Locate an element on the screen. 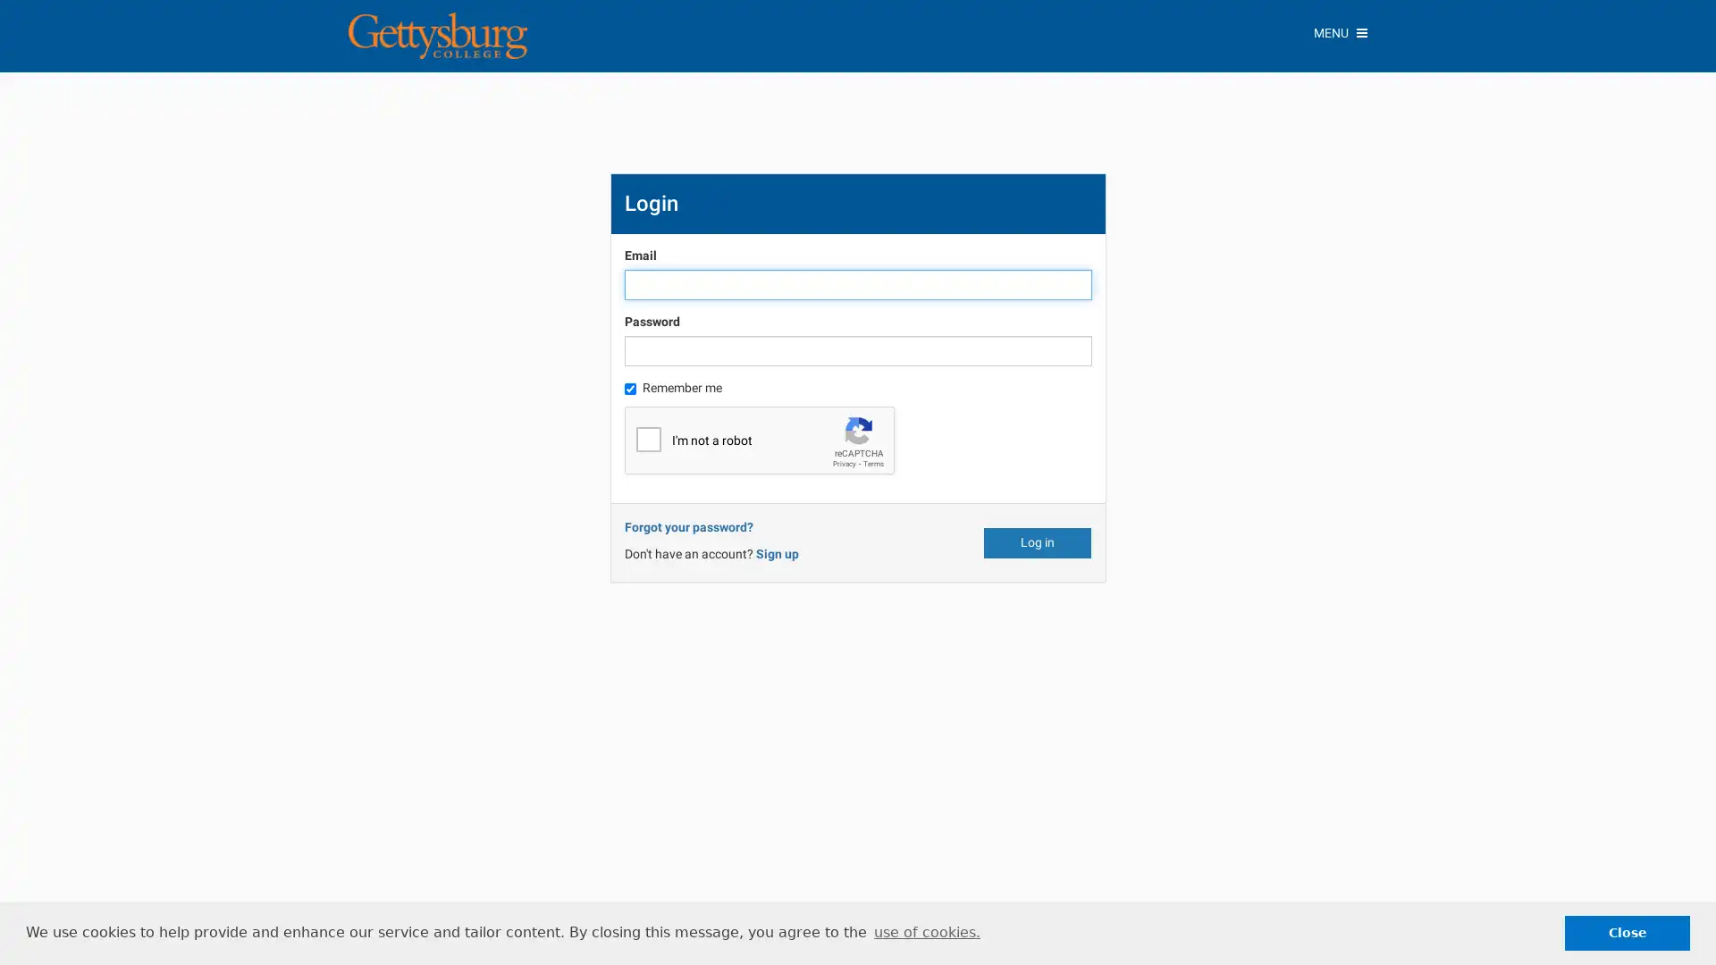 The image size is (1716, 965). learn more about cookies is located at coordinates (926, 932).